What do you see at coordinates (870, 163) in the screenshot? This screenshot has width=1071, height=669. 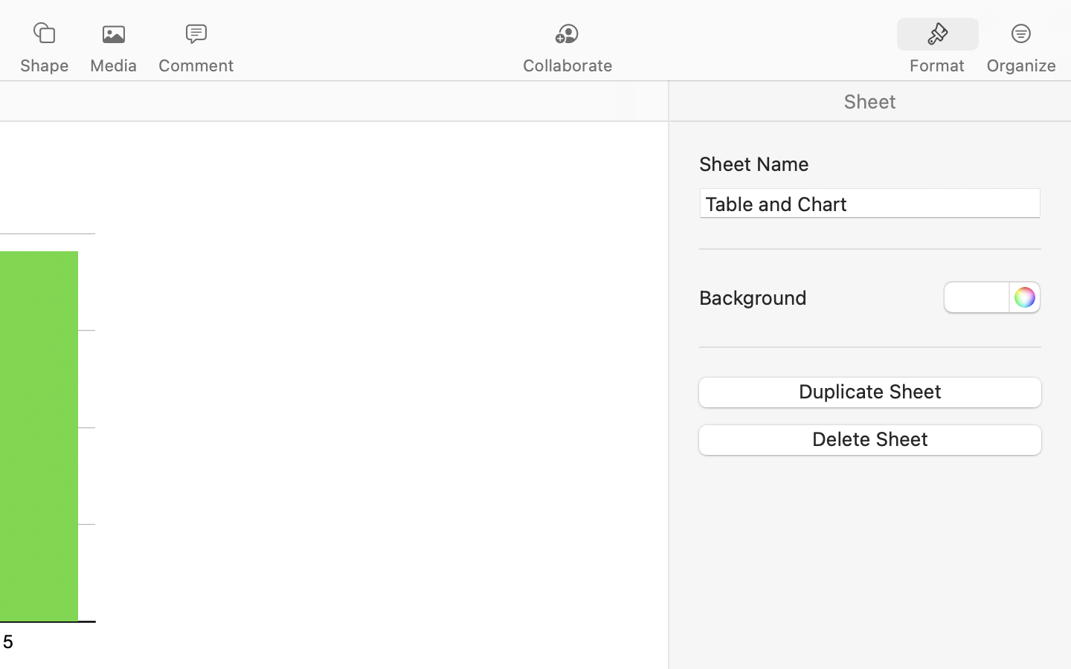 I see `'Sheet Name'` at bounding box center [870, 163].